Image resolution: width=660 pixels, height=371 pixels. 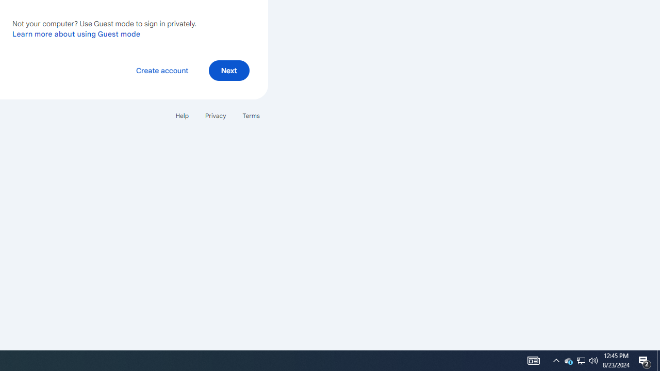 I want to click on 'Next', so click(x=228, y=70).